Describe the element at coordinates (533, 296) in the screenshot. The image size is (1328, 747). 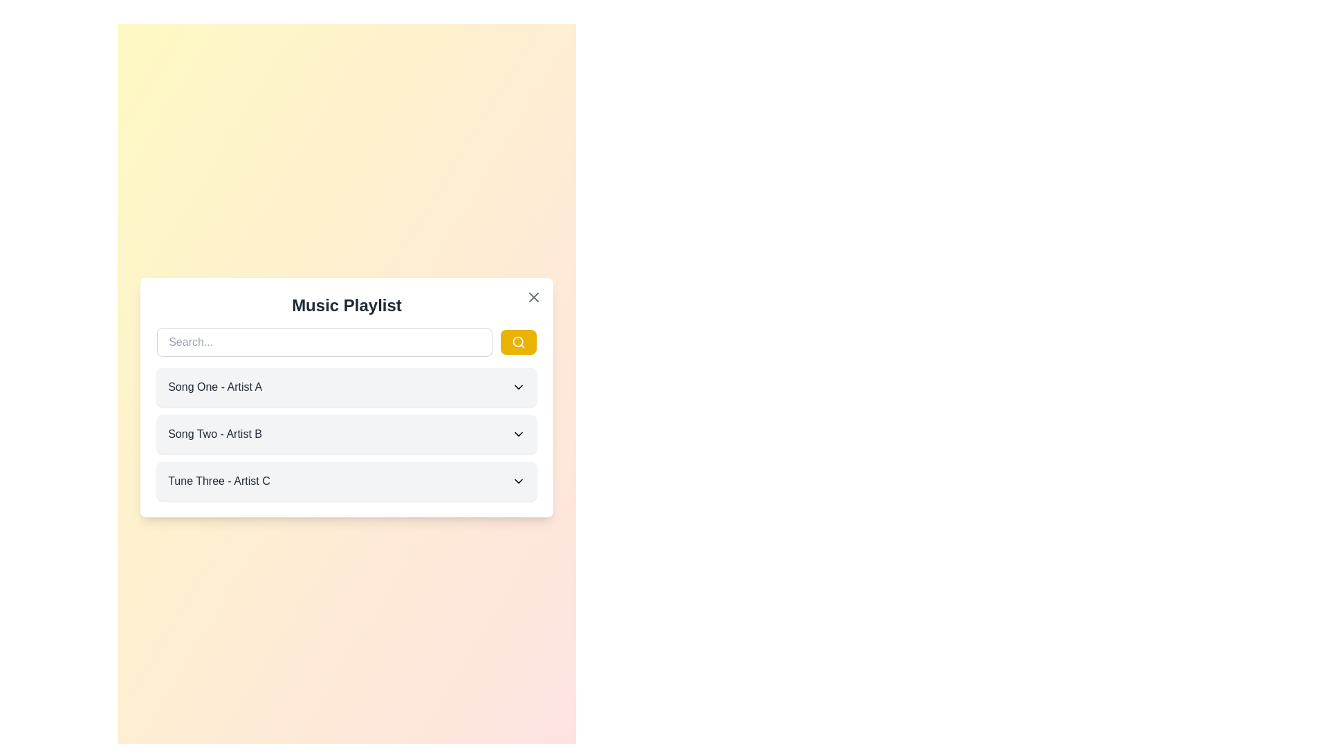
I see `the close icon (cross) at the top-right corner of the card containing the 'Music Playlist' header to trigger tooltip or highlight effects` at that location.